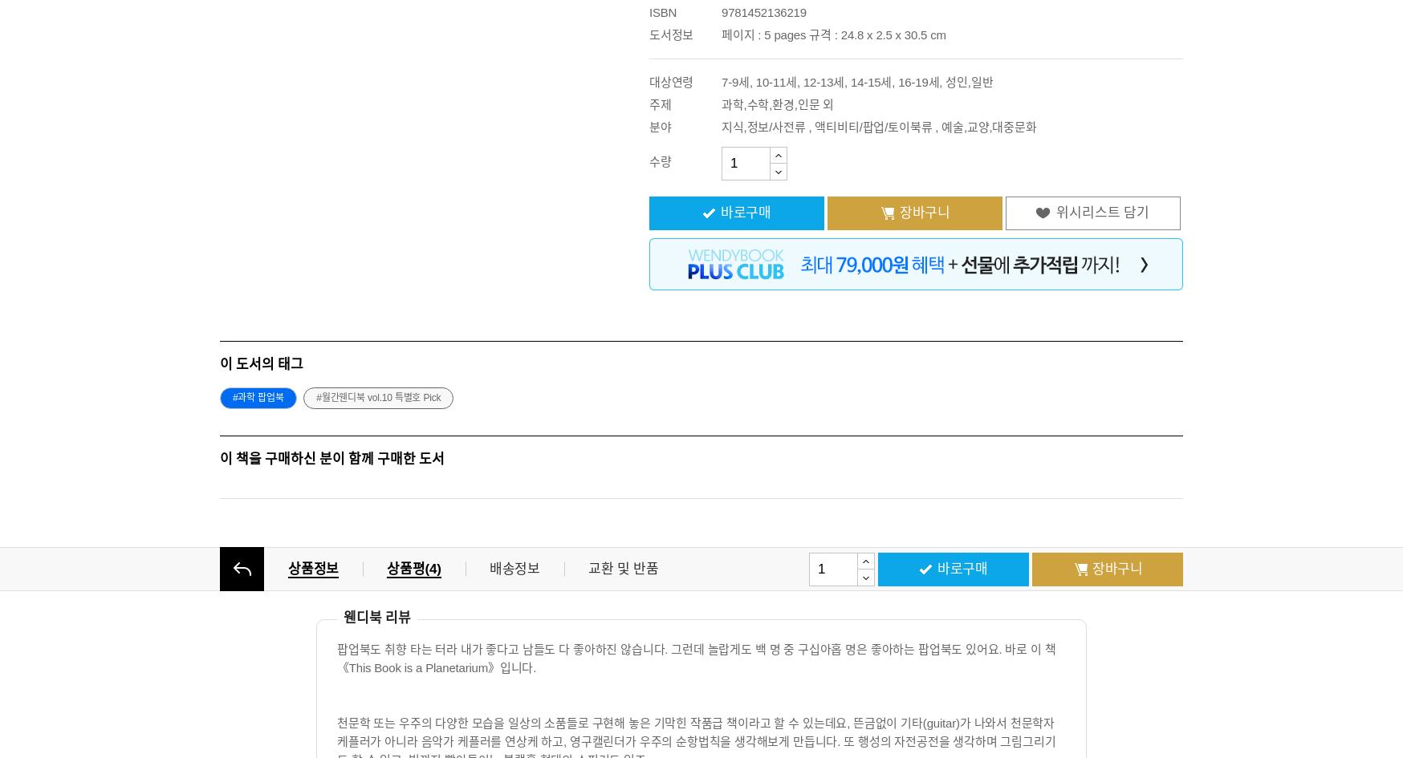 The image size is (1403, 758). I want to click on '지식,정보/사전류', so click(763, 127).